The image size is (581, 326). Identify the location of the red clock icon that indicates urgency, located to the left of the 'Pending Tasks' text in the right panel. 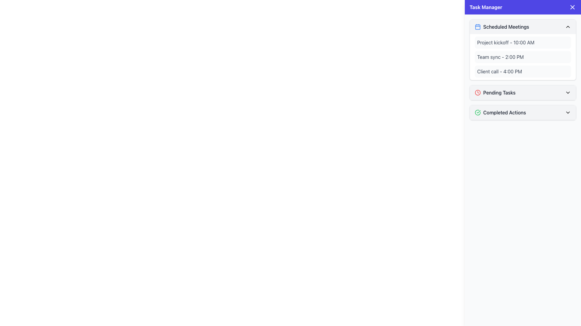
(478, 93).